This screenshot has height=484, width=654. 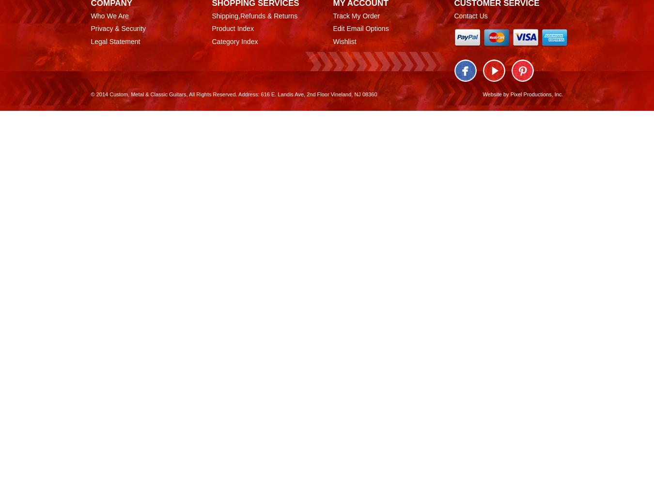 What do you see at coordinates (360, 29) in the screenshot?
I see `'Edit Email Options'` at bounding box center [360, 29].